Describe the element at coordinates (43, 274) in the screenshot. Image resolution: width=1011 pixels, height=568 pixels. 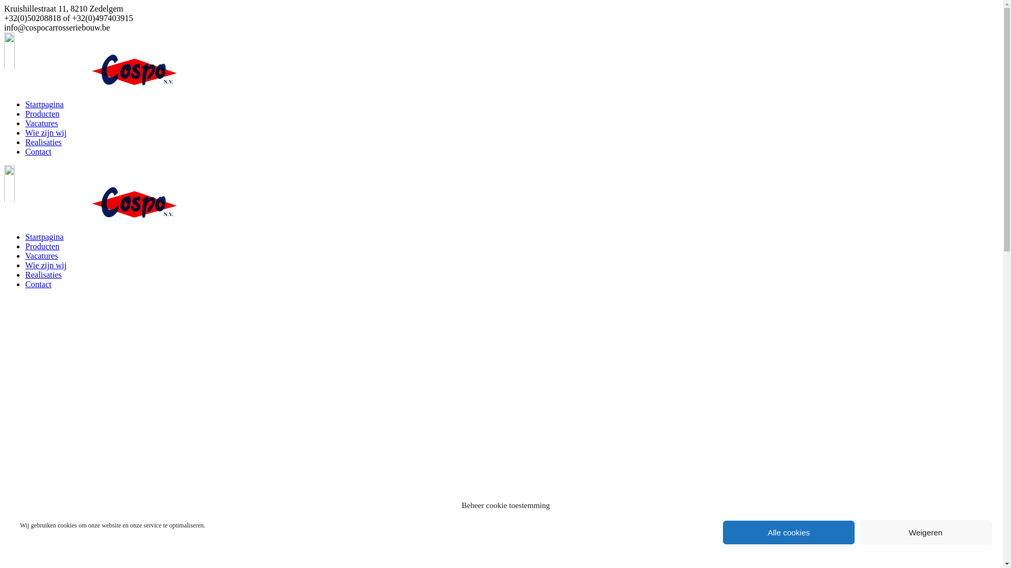
I see `'Realisaties'` at that location.